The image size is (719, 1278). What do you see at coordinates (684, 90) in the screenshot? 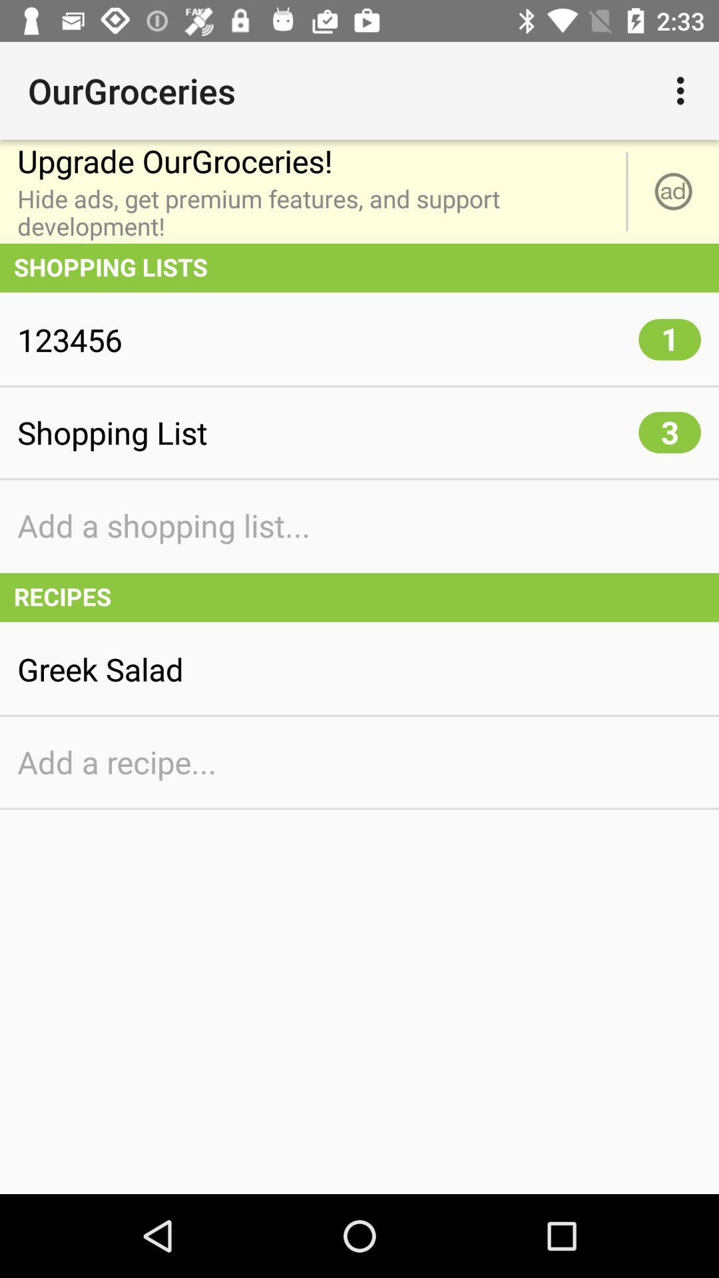
I see `item next to upgrade ourgroceries!` at bounding box center [684, 90].